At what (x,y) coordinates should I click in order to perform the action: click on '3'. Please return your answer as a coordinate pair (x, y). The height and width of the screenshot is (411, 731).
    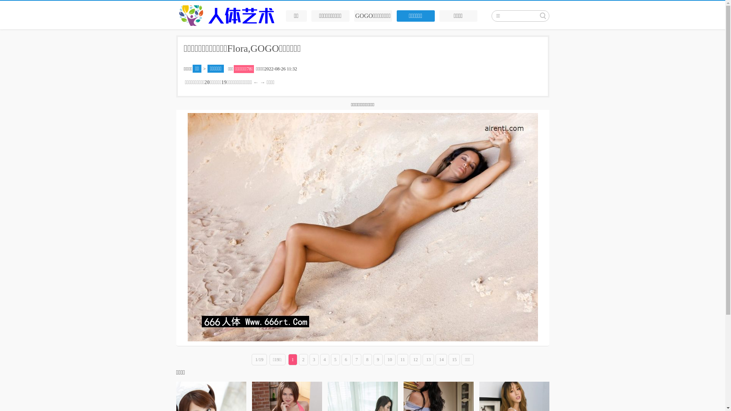
    Looking at the image, I should click on (309, 360).